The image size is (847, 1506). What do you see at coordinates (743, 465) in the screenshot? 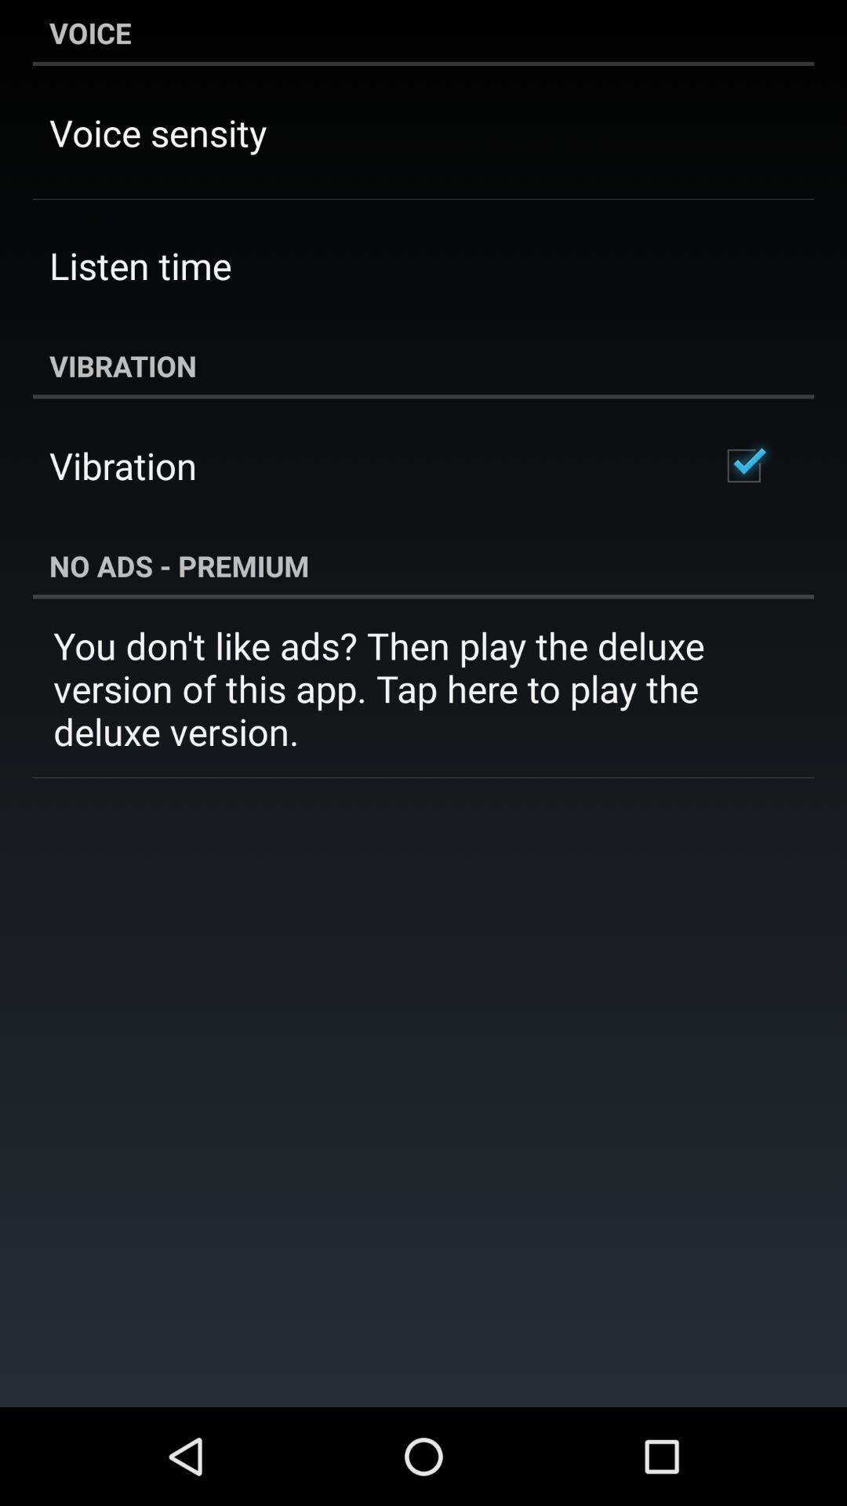
I see `the icon above no ads - premium item` at bounding box center [743, 465].